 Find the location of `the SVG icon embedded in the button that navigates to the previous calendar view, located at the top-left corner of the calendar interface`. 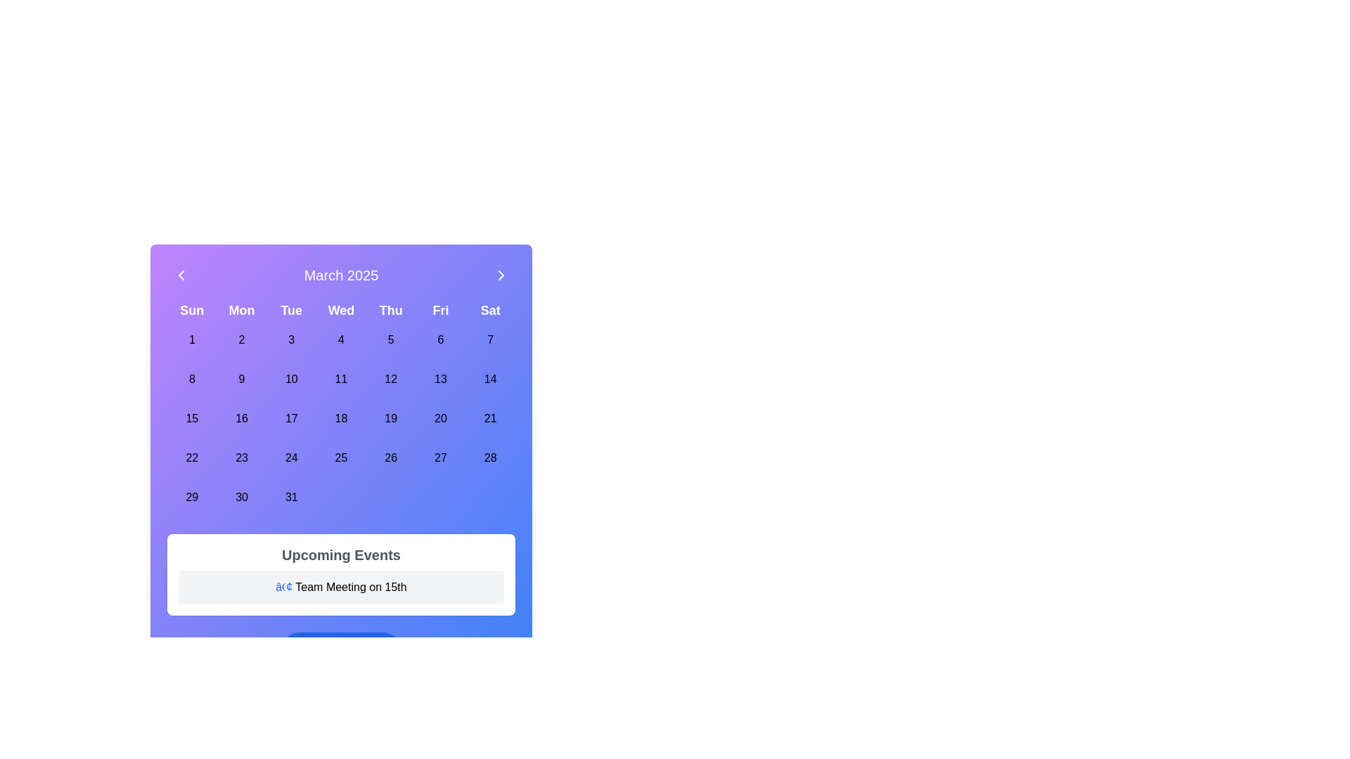

the SVG icon embedded in the button that navigates to the previous calendar view, located at the top-left corner of the calendar interface is located at coordinates (181, 275).